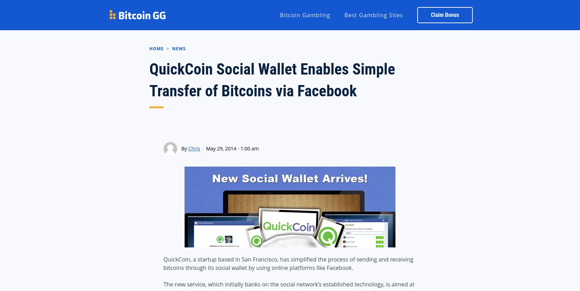 The width and height of the screenshot is (580, 291). What do you see at coordinates (232, 148) in the screenshot?
I see `'May 29, 2014 - 1:00 am'` at bounding box center [232, 148].